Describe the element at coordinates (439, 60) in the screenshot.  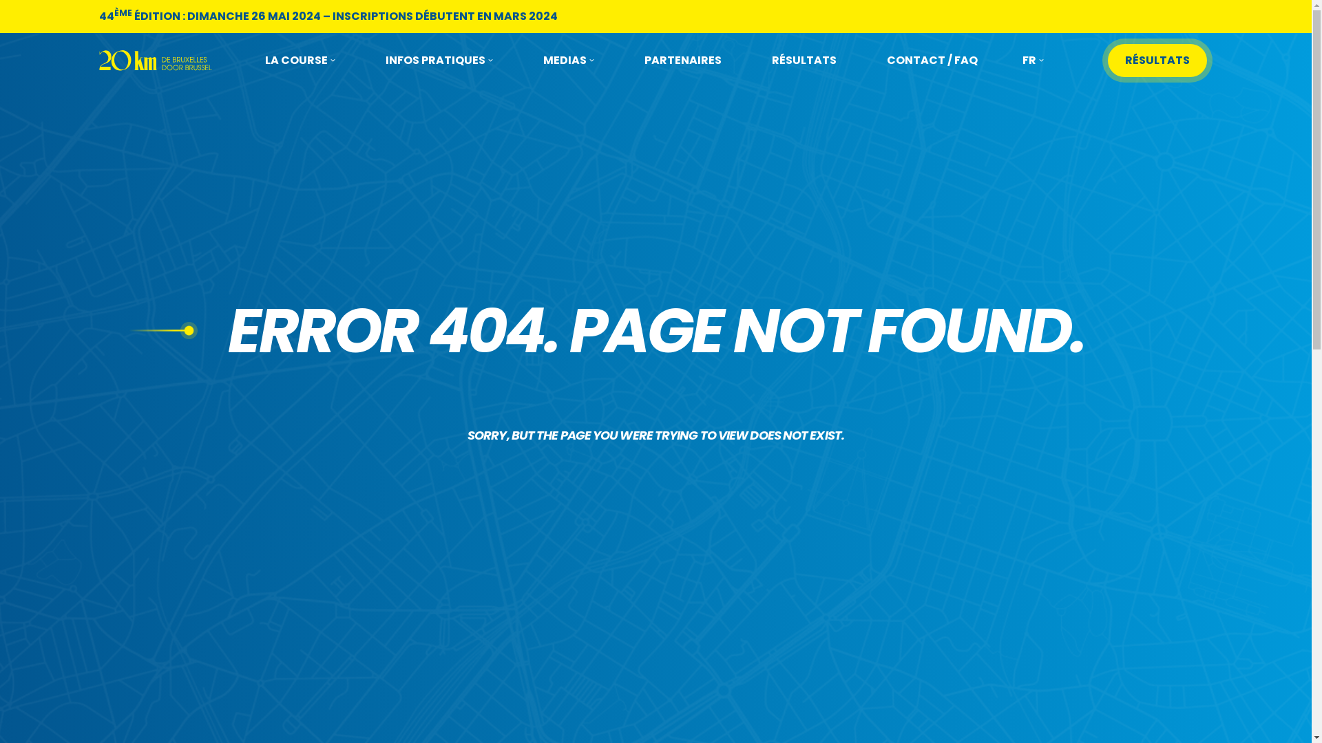
I see `'INFOS PRATIQUES'` at that location.